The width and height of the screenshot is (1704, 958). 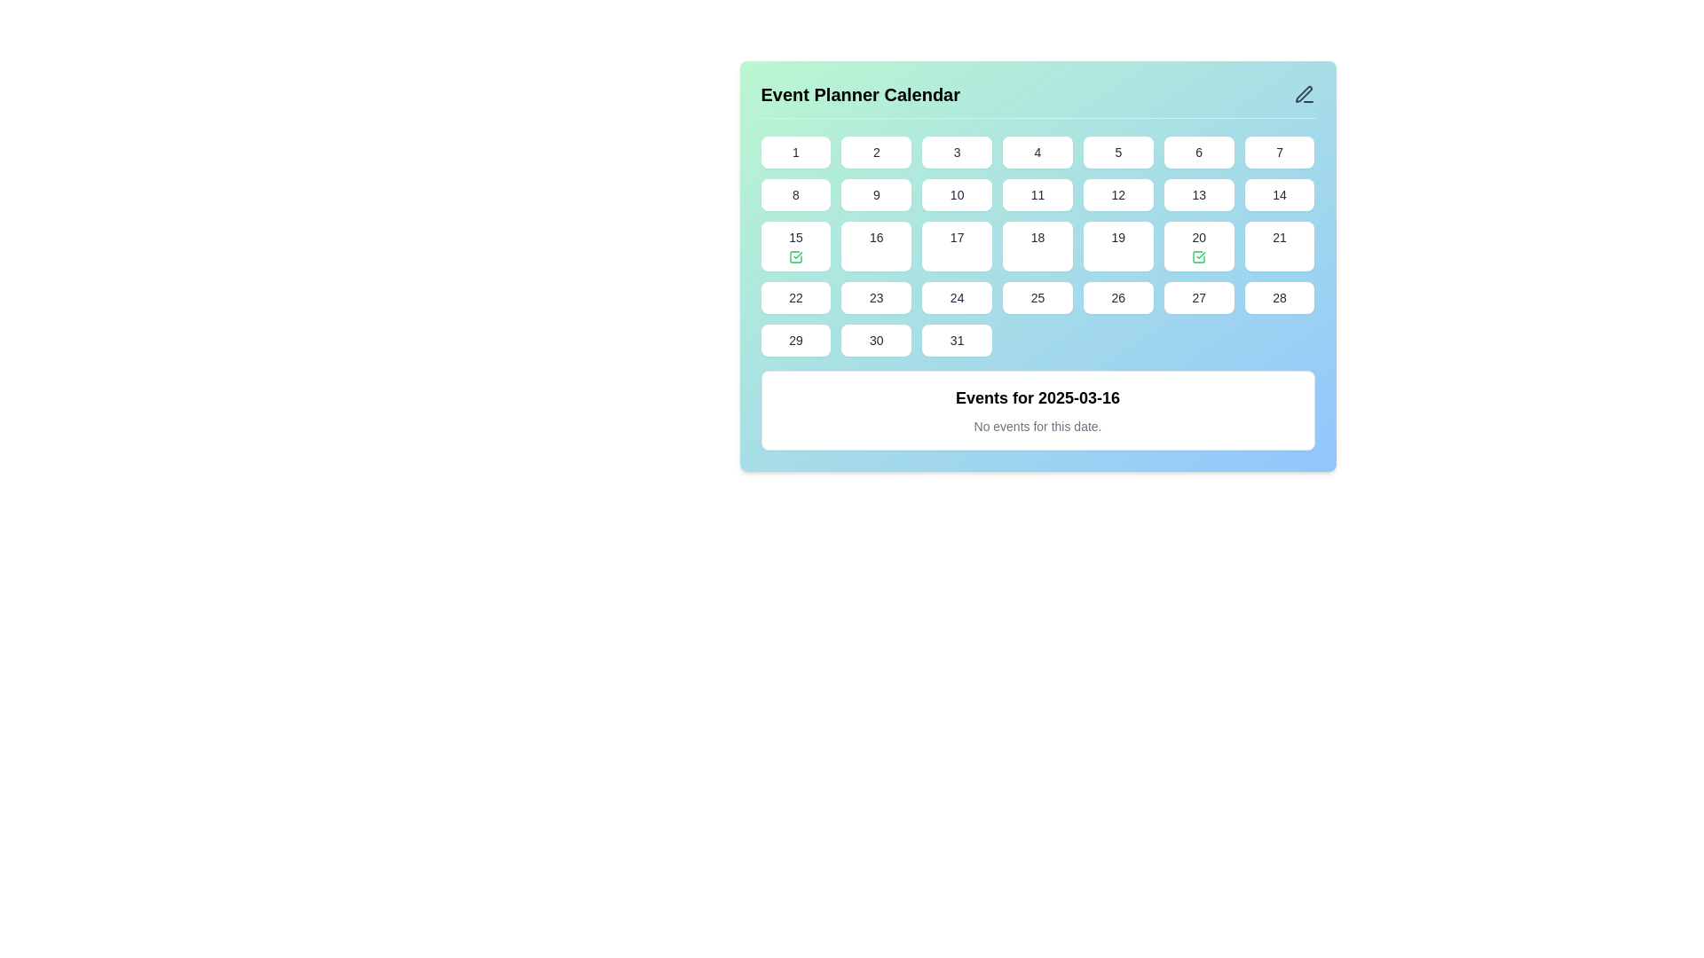 What do you see at coordinates (1199, 296) in the screenshot?
I see `the button-like calendar date element displaying the number '27'` at bounding box center [1199, 296].